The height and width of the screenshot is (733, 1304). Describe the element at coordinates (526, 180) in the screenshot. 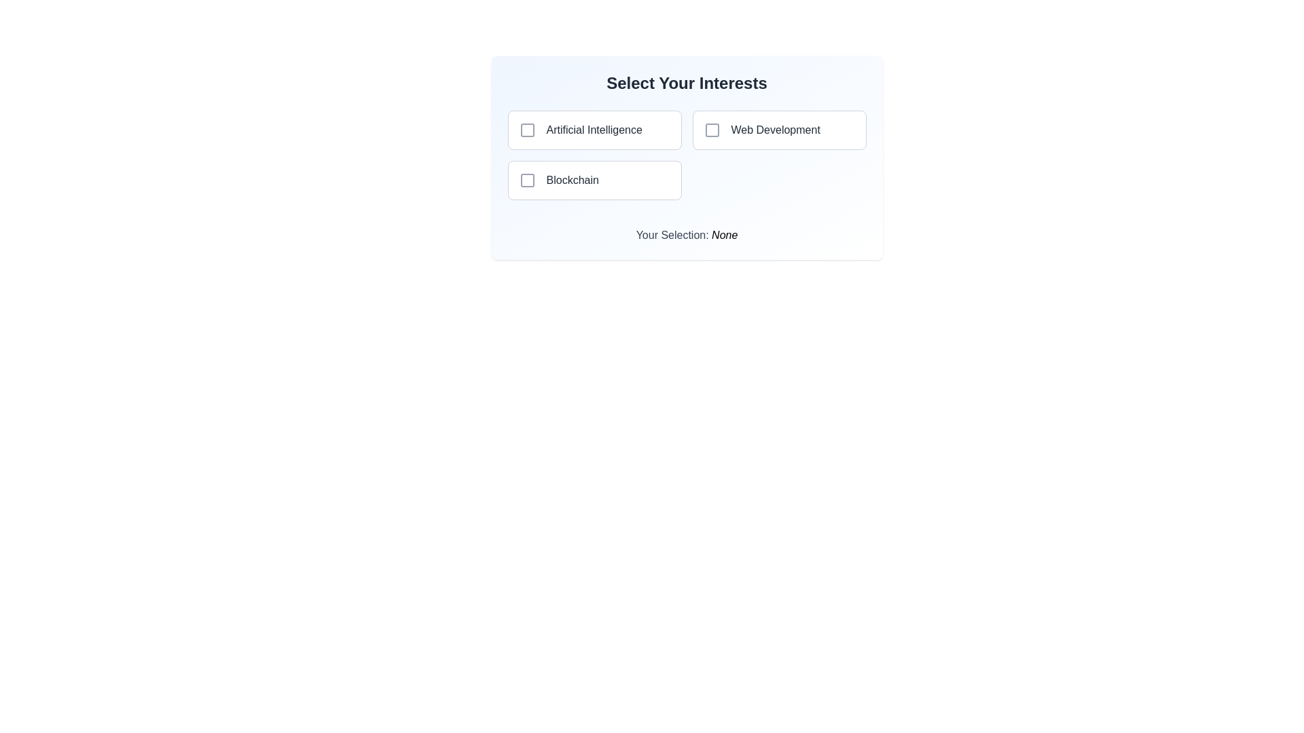

I see `the checkbox for the 'Blockchain' interest` at that location.